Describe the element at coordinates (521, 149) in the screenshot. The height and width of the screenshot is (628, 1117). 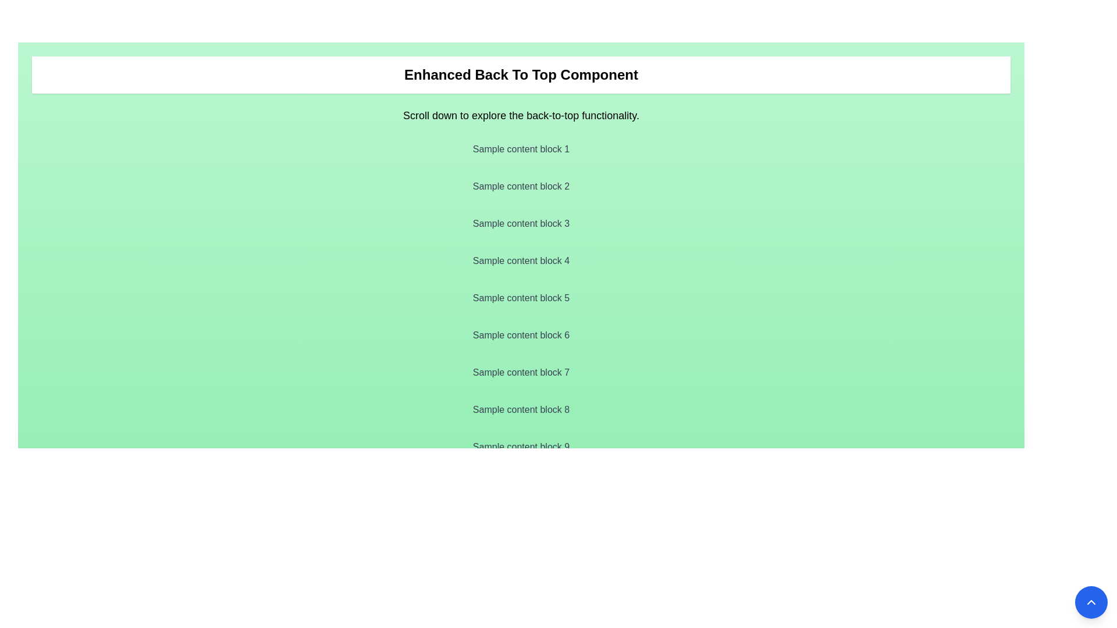
I see `the static text element that displays information about scrolling down, positioned below the header and subtitle as the first item in the series of 'Sample content block' text blocks` at that location.